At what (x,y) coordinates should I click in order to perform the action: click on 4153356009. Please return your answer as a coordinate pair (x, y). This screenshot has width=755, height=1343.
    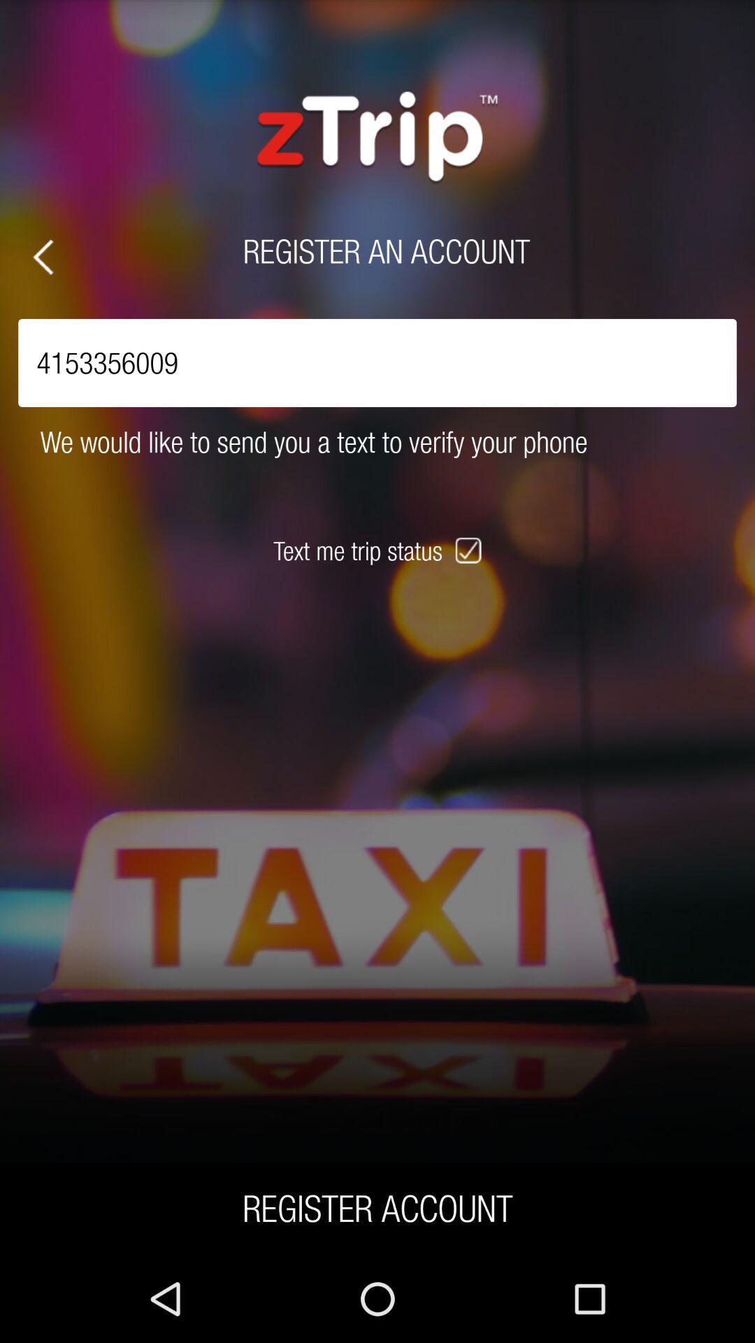
    Looking at the image, I should click on (377, 362).